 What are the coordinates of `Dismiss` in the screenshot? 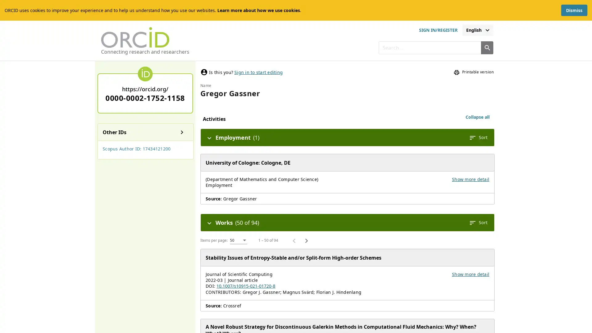 It's located at (574, 10).